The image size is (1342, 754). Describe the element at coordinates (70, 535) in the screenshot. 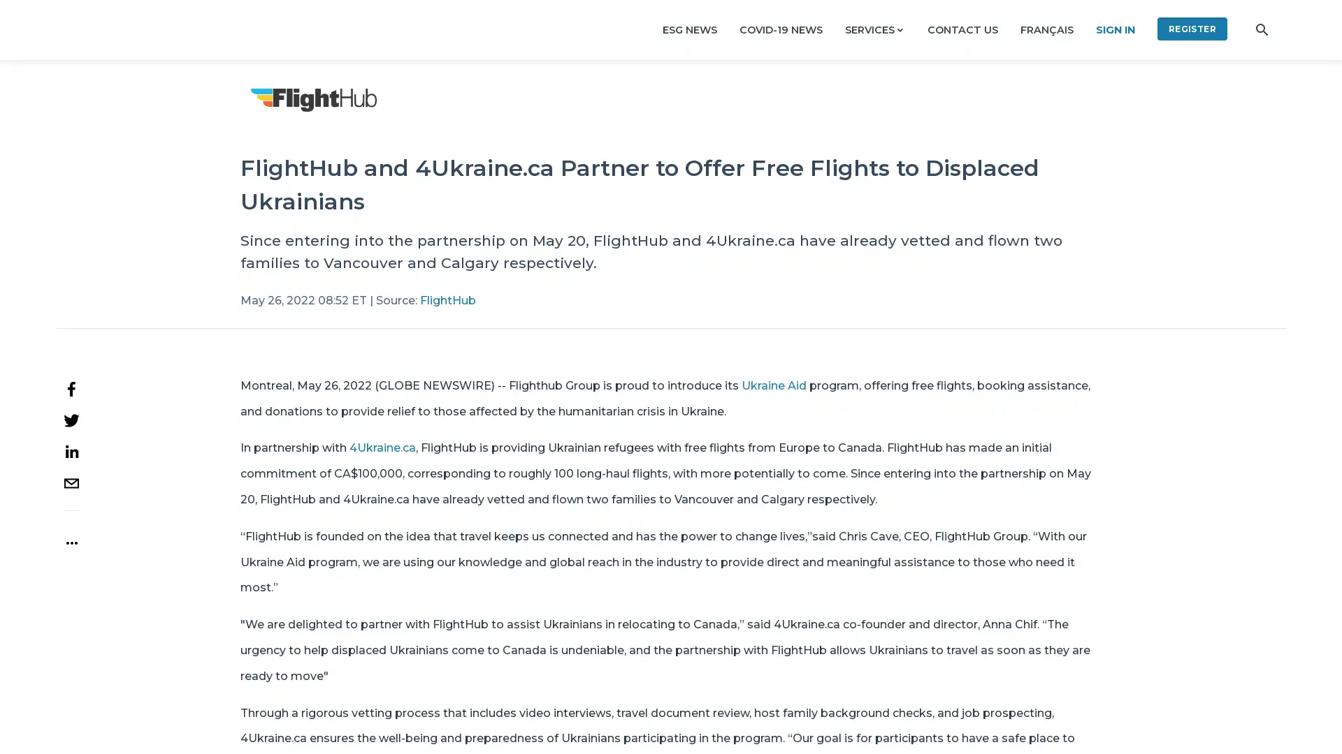

I see `...` at that location.